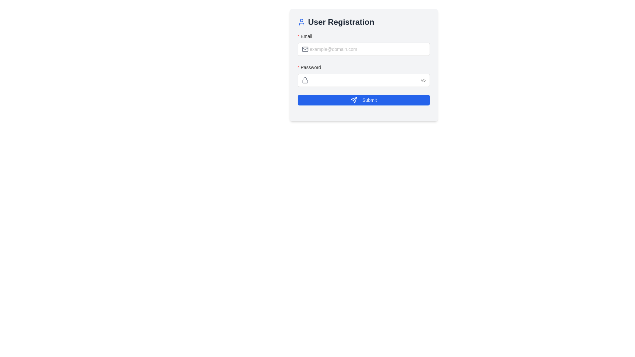 The height and width of the screenshot is (357, 635). Describe the element at coordinates (369, 100) in the screenshot. I see `the 'Submit' button, which is a blue rectangular button with white text positioned at the bottom of the form panel` at that location.